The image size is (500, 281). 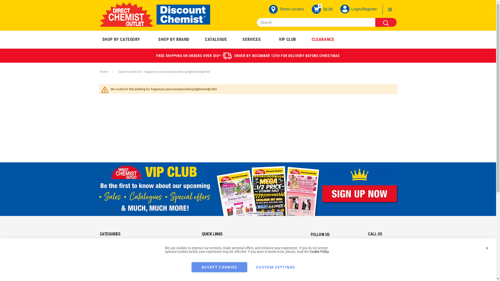 What do you see at coordinates (216, 39) in the screenshot?
I see `'CATALOGUE'` at bounding box center [216, 39].